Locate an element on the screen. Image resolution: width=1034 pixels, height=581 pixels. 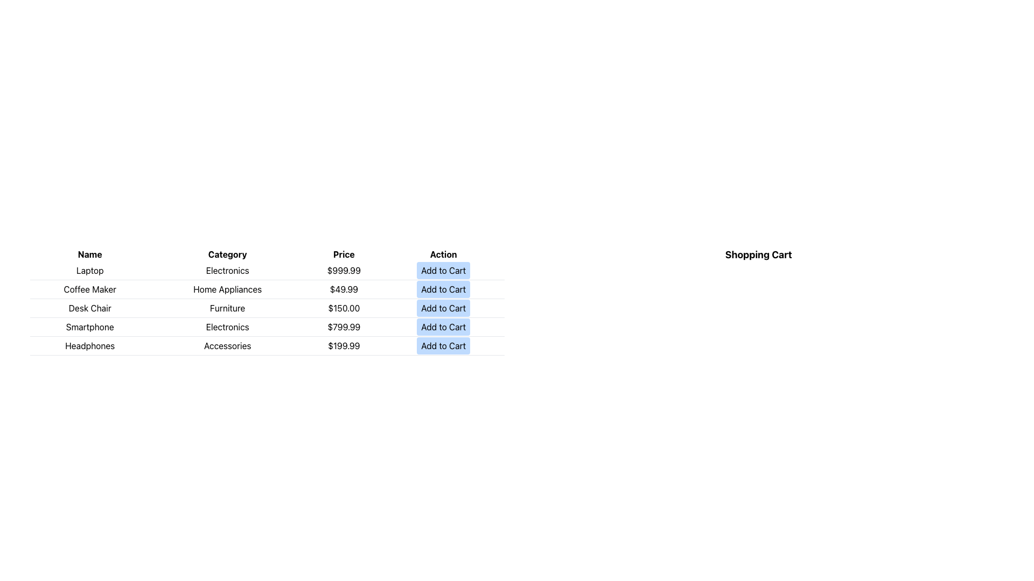
text label displaying 'Electronics' which is the second item in the 'Category' column of the fourth row in the table is located at coordinates (227, 327).